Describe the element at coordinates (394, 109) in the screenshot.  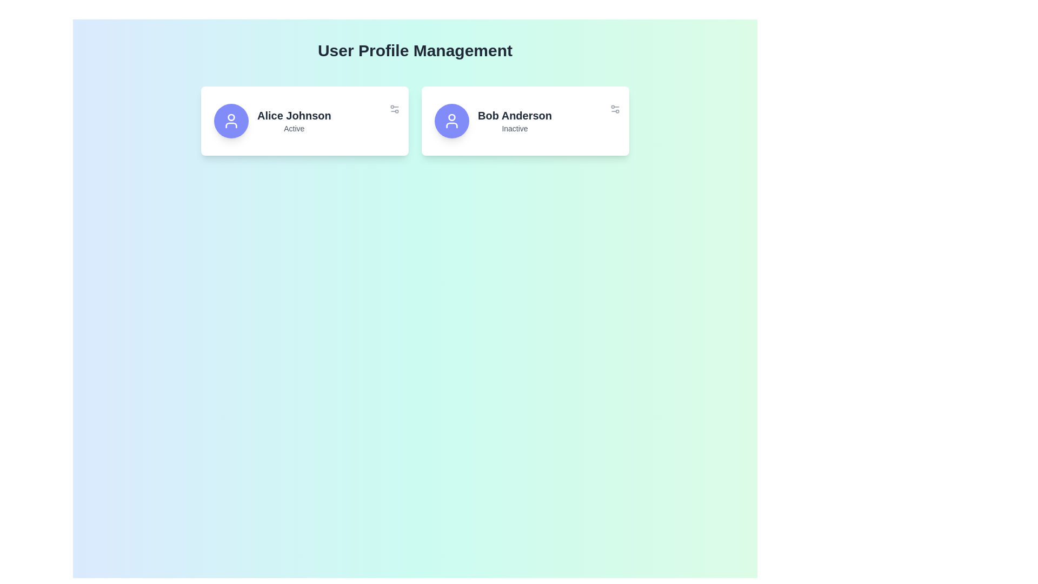
I see `the Settings icon located in the top-right corner of Alice Johnson's profile card` at that location.